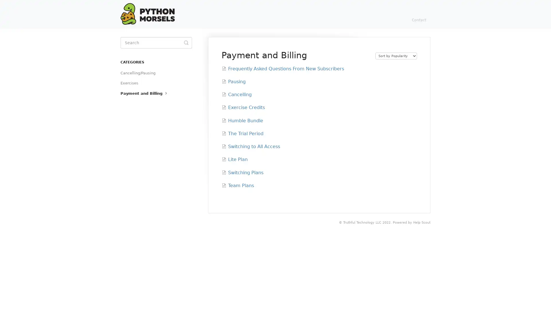  What do you see at coordinates (186, 42) in the screenshot?
I see `Toggle Search` at bounding box center [186, 42].